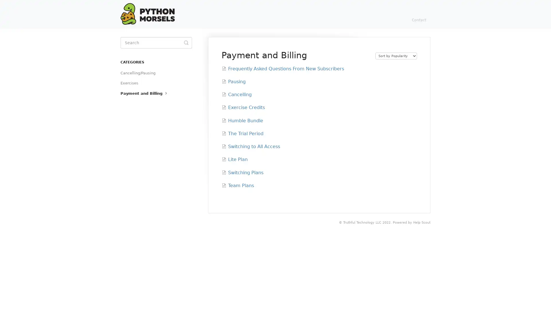  What do you see at coordinates (186, 42) in the screenshot?
I see `Toggle Search` at bounding box center [186, 42].